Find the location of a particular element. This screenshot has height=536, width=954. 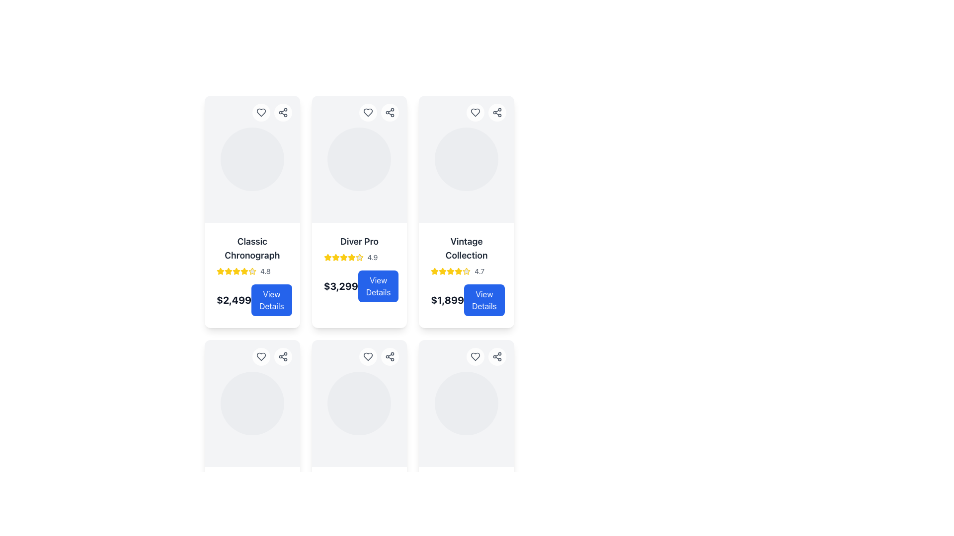

the share button located at the top right corner of the third product card in the second row is located at coordinates (282, 356).